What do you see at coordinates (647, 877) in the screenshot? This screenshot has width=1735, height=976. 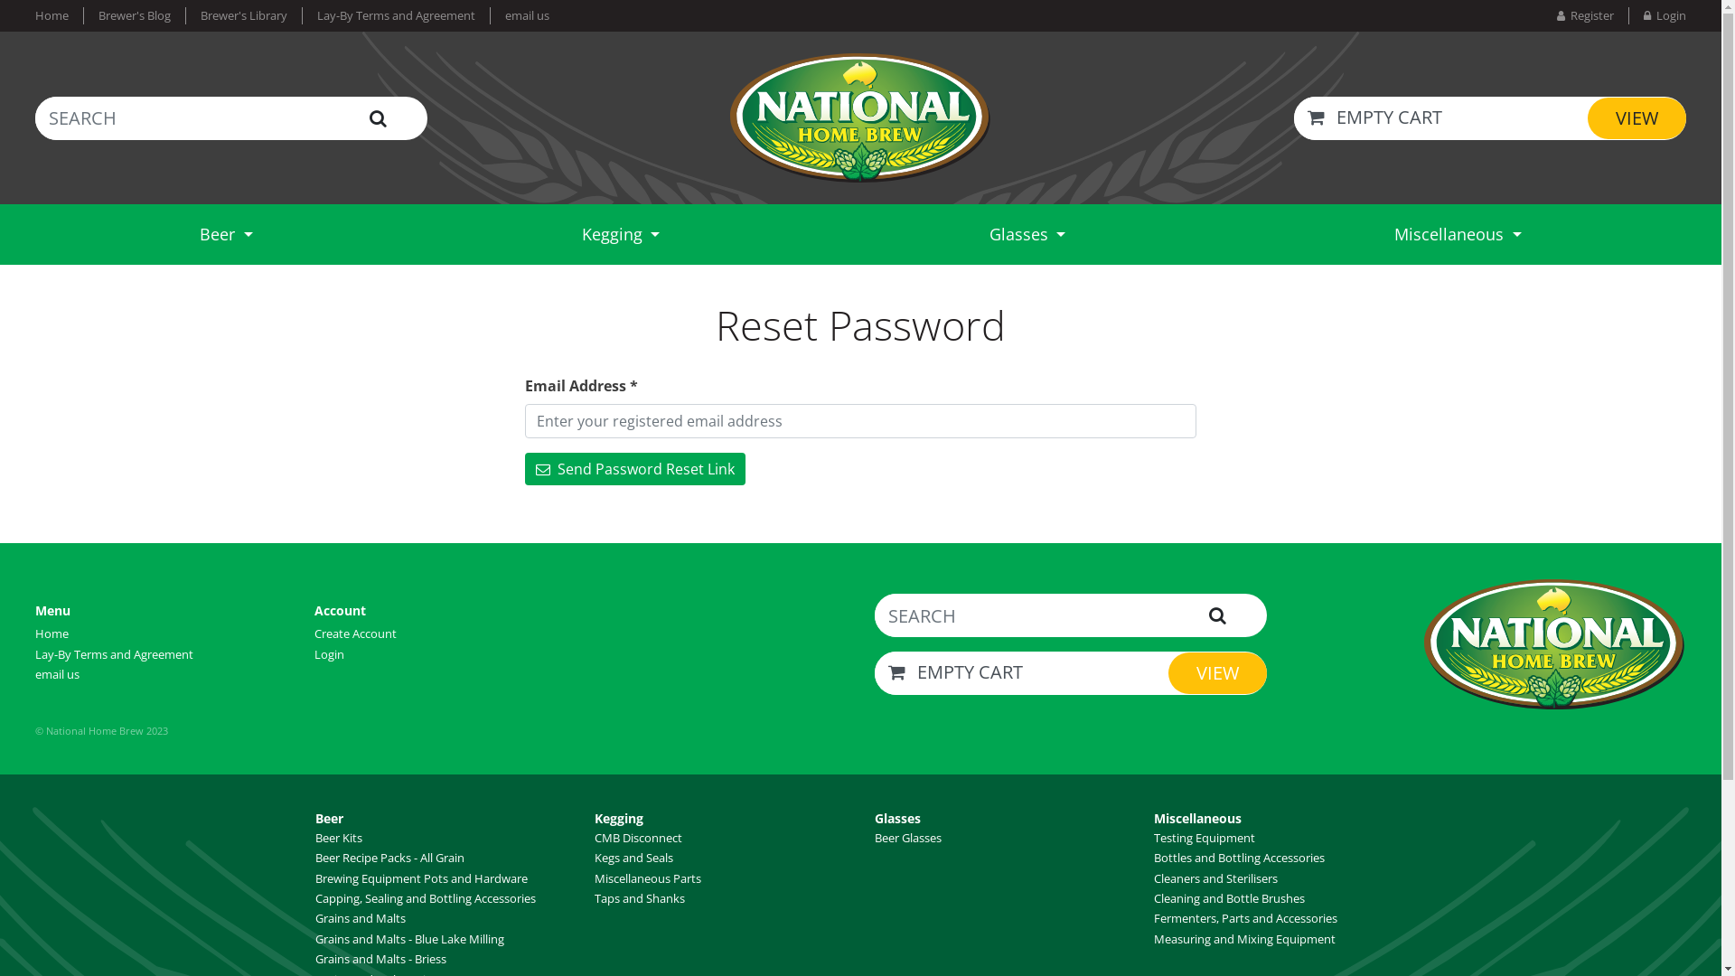 I see `'Miscellaneous Parts'` at bounding box center [647, 877].